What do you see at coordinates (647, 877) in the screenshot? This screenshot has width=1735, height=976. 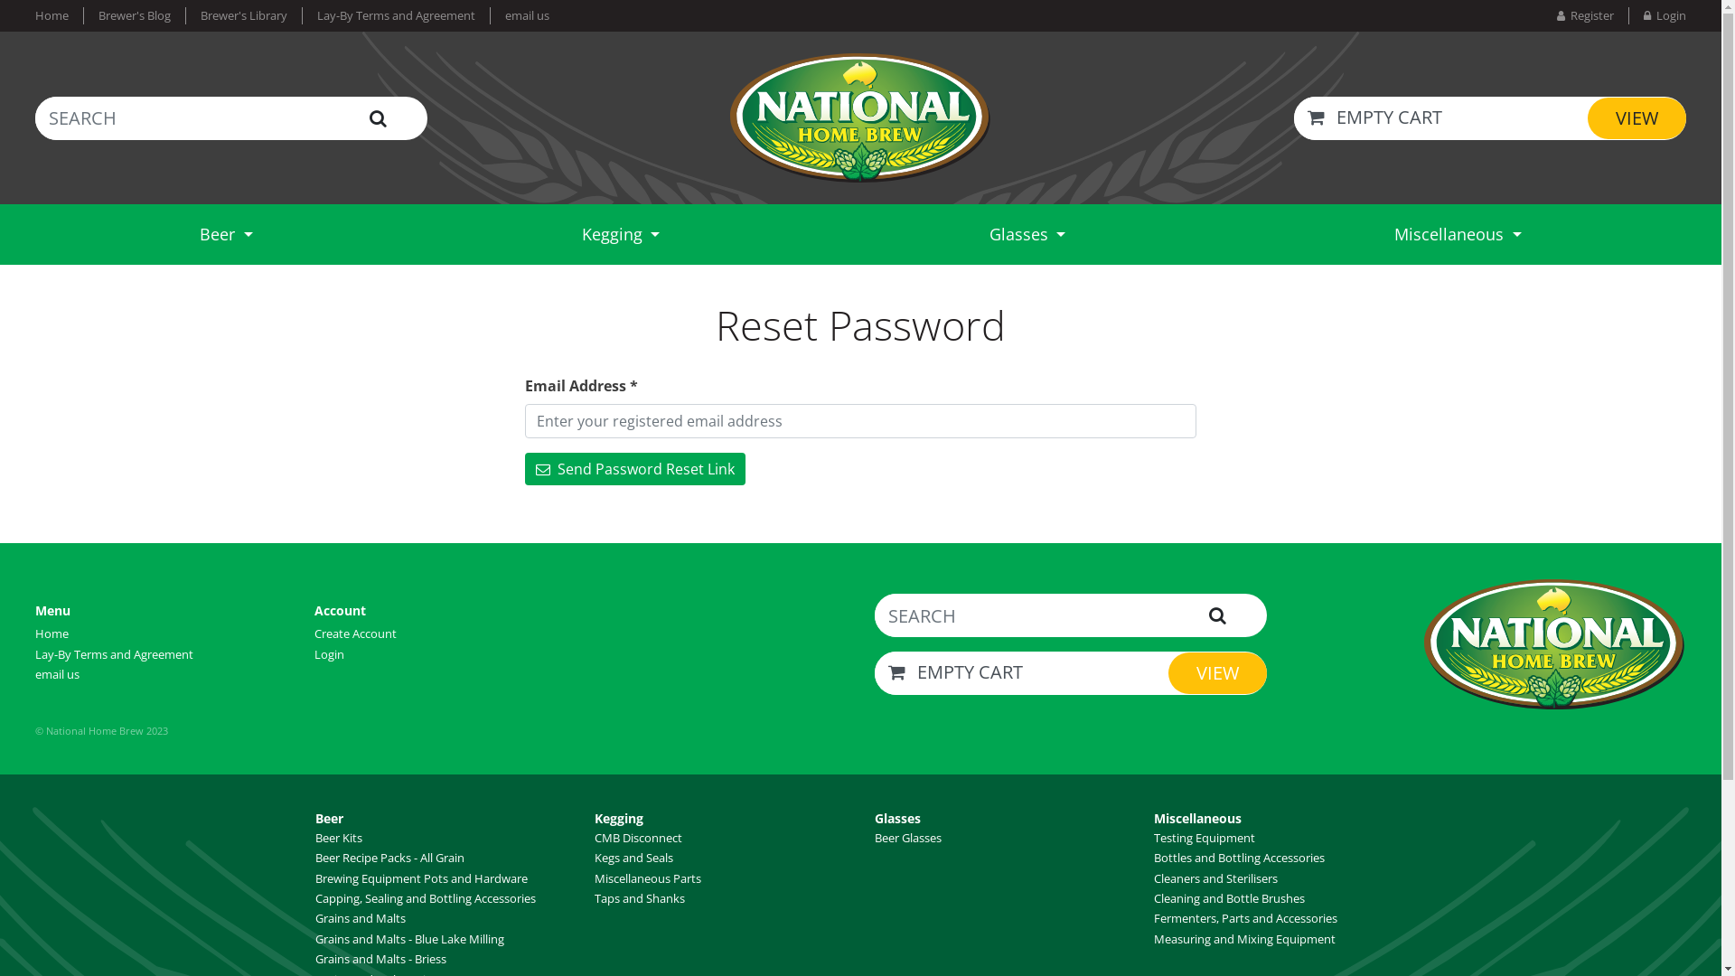 I see `'Miscellaneous Parts'` at bounding box center [647, 877].